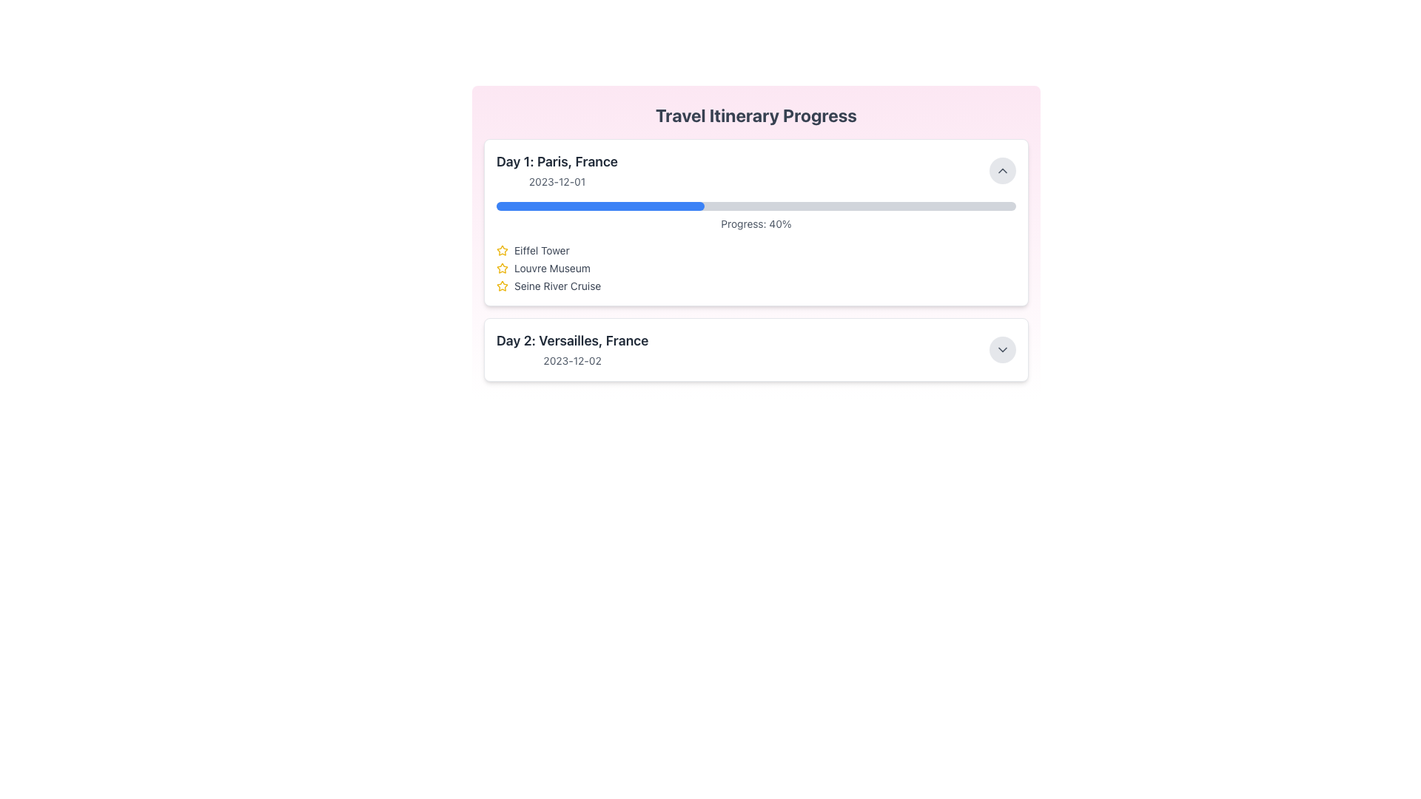 The width and height of the screenshot is (1421, 799). What do you see at coordinates (502, 268) in the screenshot?
I see `the star icon representing the 'Louvre Museum'` at bounding box center [502, 268].